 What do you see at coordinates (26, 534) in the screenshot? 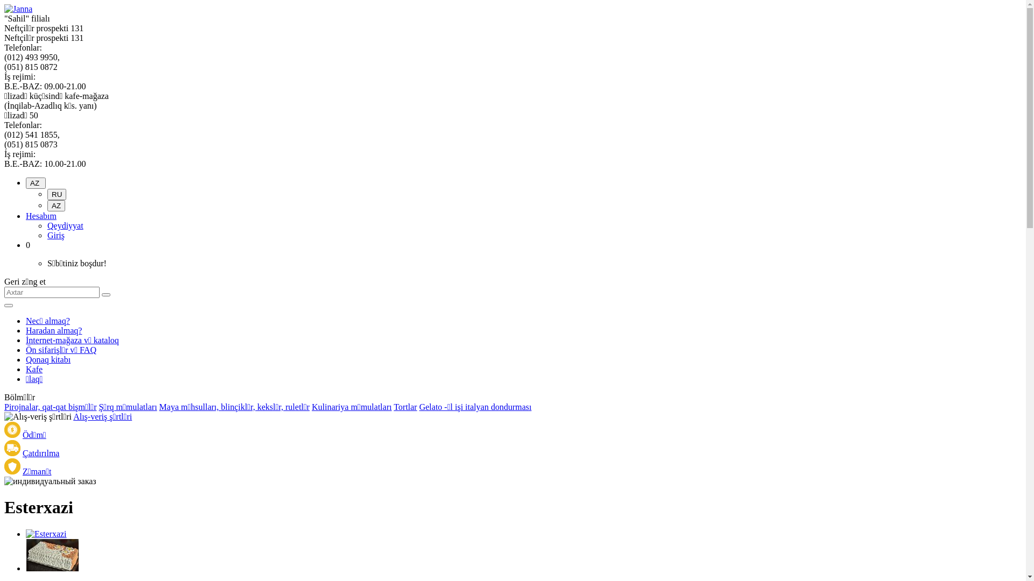
I see `'Esterxazi'` at bounding box center [26, 534].